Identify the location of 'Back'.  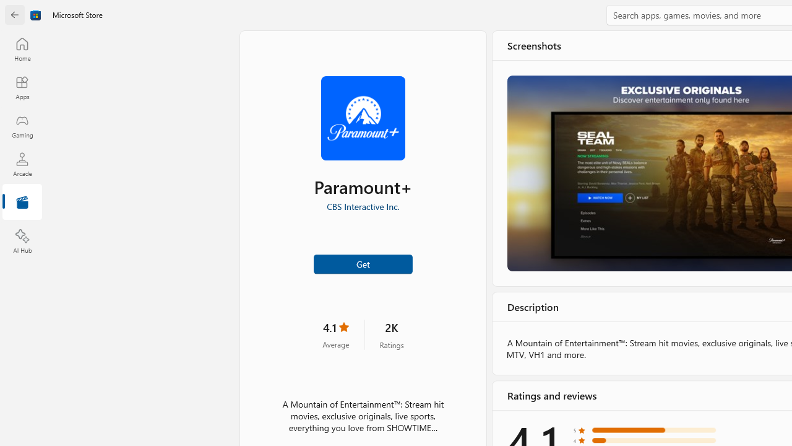
(15, 15).